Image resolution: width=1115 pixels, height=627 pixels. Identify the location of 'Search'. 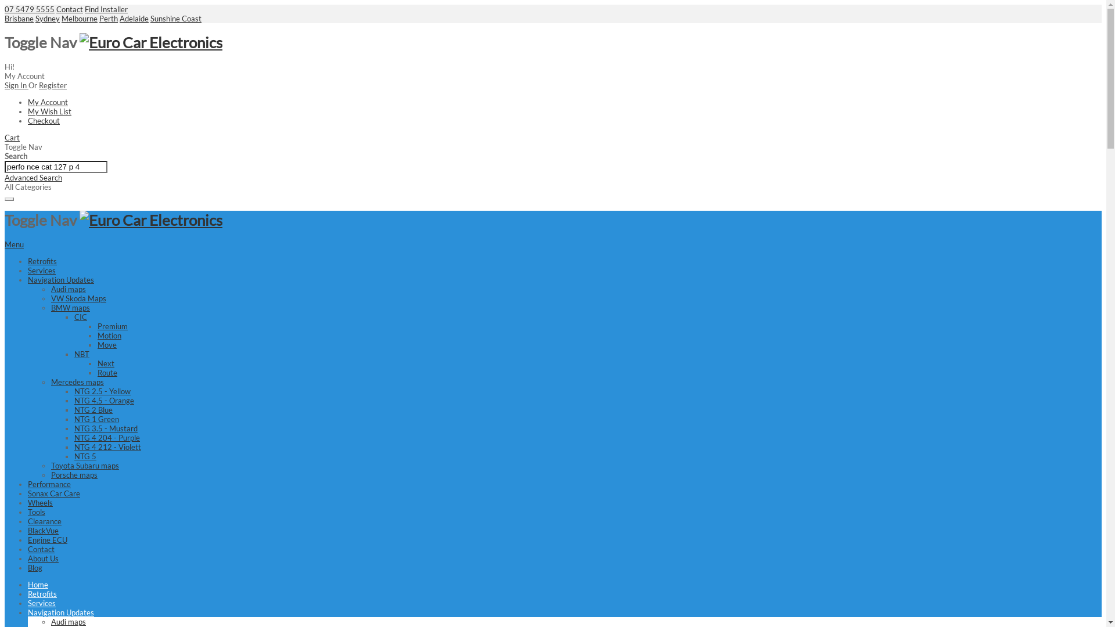
(5, 199).